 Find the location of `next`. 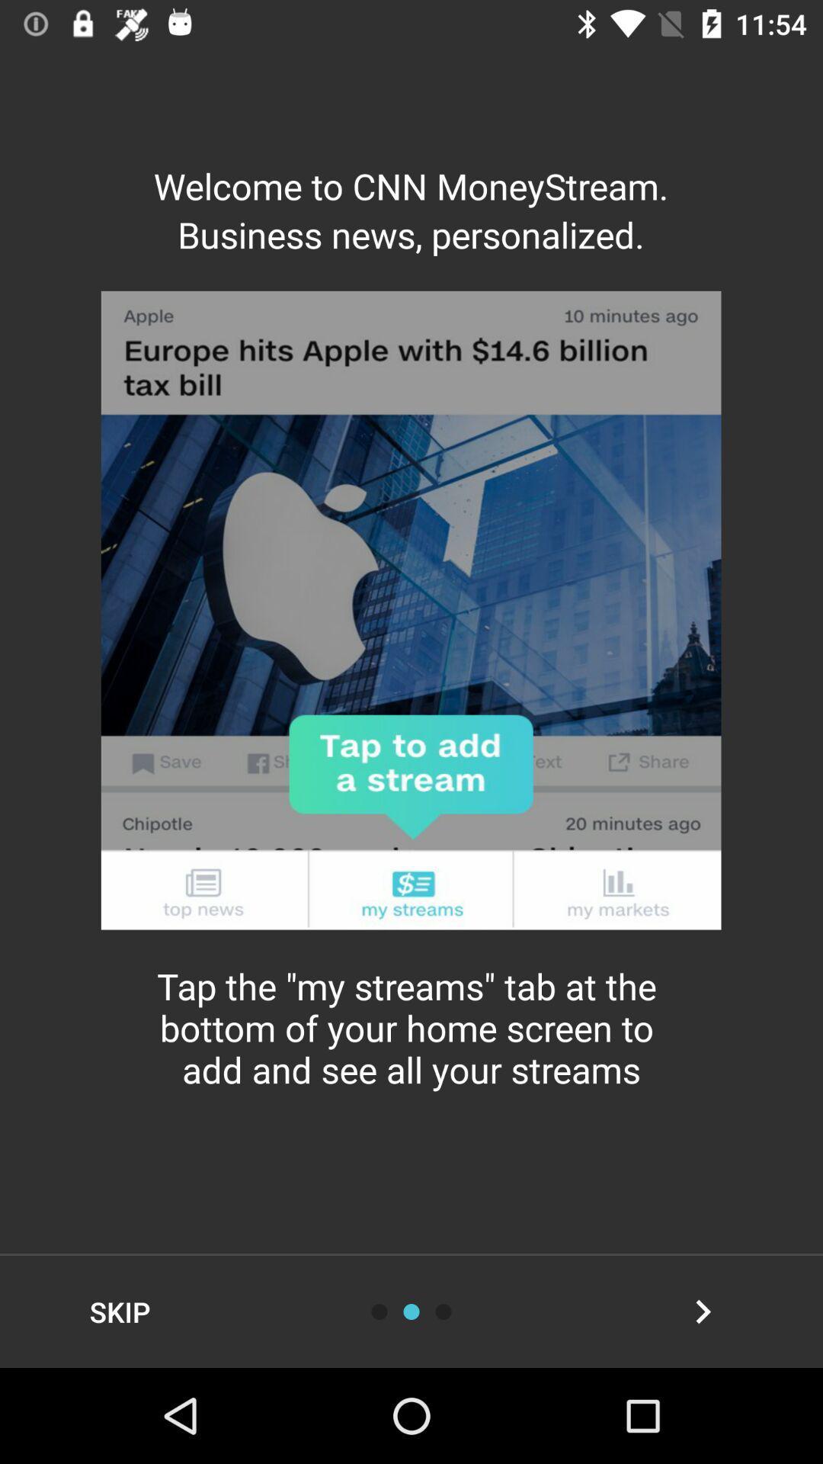

next is located at coordinates (703, 1311).